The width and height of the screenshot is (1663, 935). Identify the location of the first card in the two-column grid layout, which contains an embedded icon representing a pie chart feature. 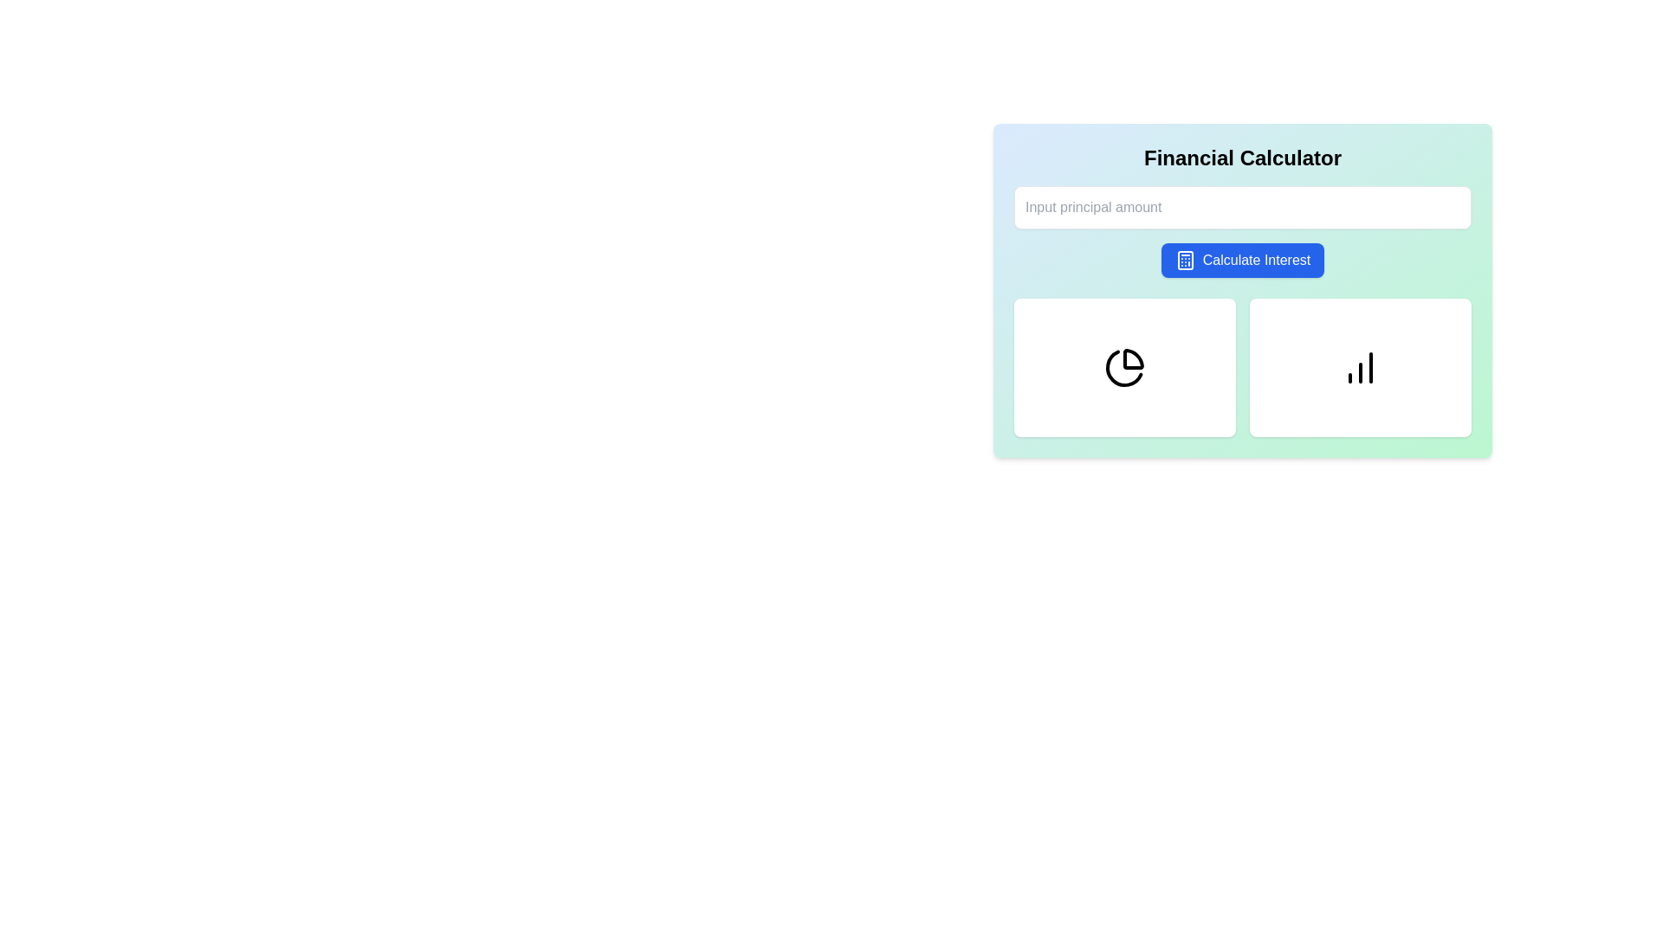
(1125, 366).